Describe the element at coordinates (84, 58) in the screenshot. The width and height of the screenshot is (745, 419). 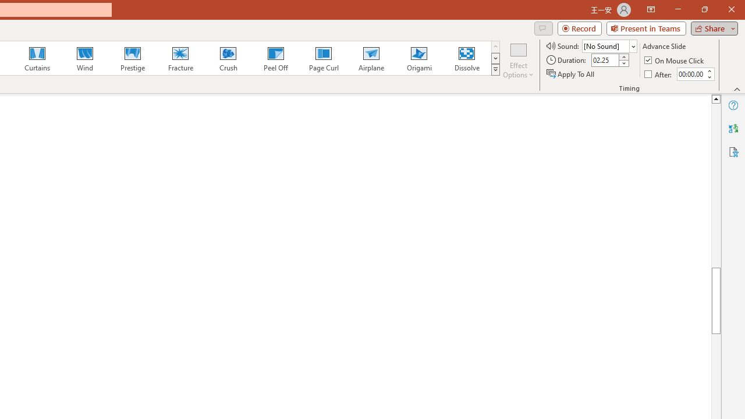
I see `'Wind'` at that location.